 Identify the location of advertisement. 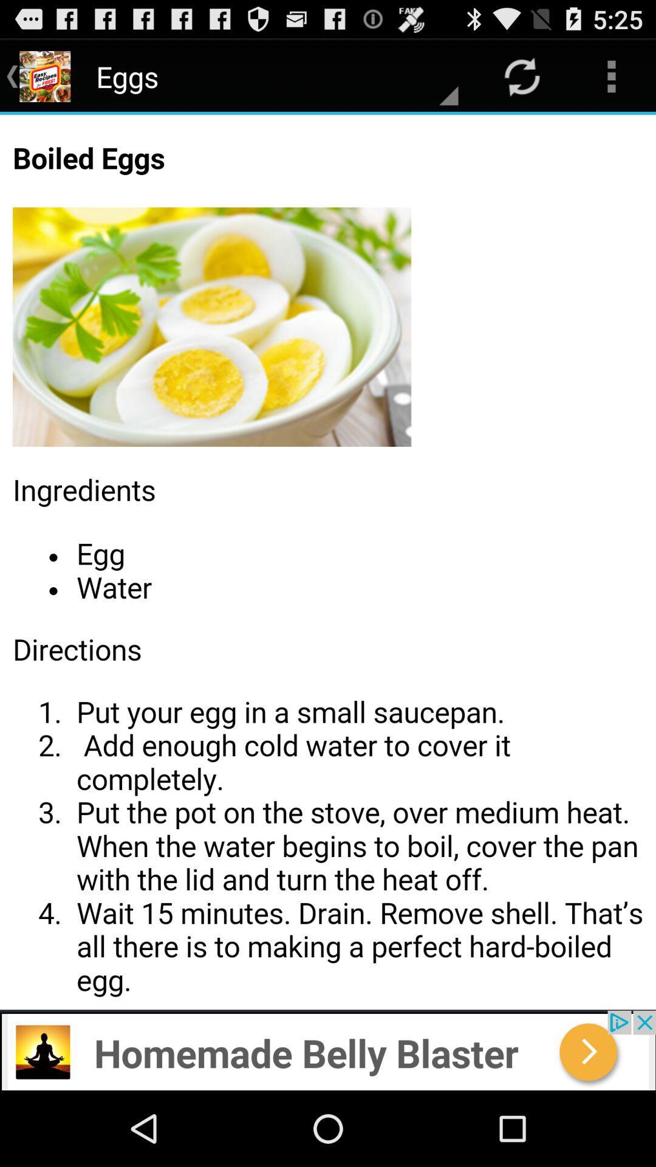
(328, 1050).